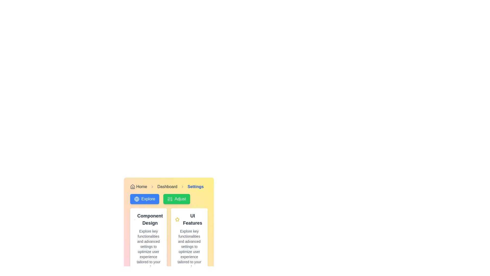 The width and height of the screenshot is (490, 276). Describe the element at coordinates (177, 199) in the screenshot. I see `the 'Adjust' button located in the top-right area of the toolbar` at that location.